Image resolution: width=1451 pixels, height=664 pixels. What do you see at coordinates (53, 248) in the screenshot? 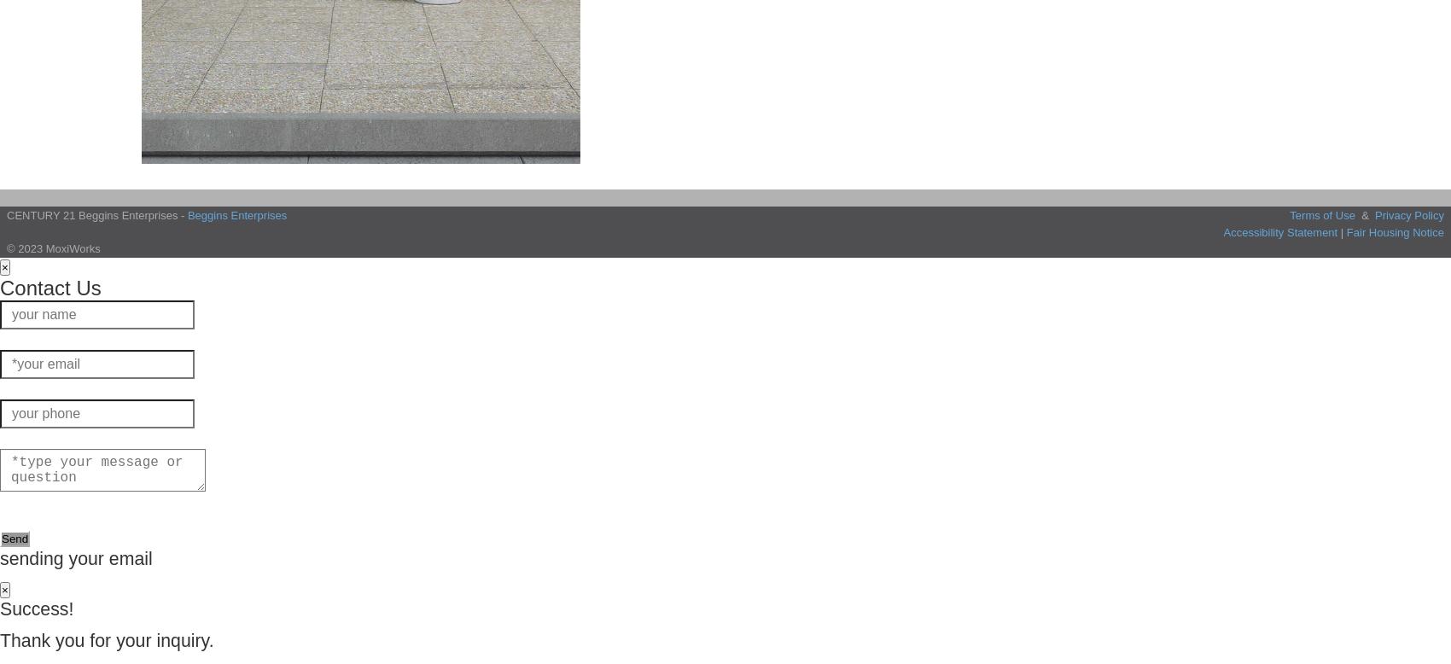
I see `'© 2023 MoxiWorks'` at bounding box center [53, 248].